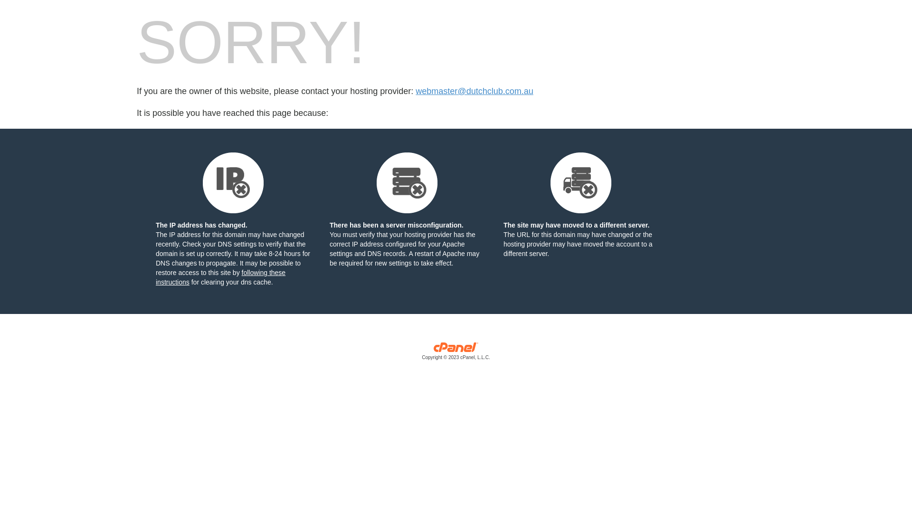 This screenshot has height=513, width=912. Describe the element at coordinates (220, 277) in the screenshot. I see `'following these instructions'` at that location.